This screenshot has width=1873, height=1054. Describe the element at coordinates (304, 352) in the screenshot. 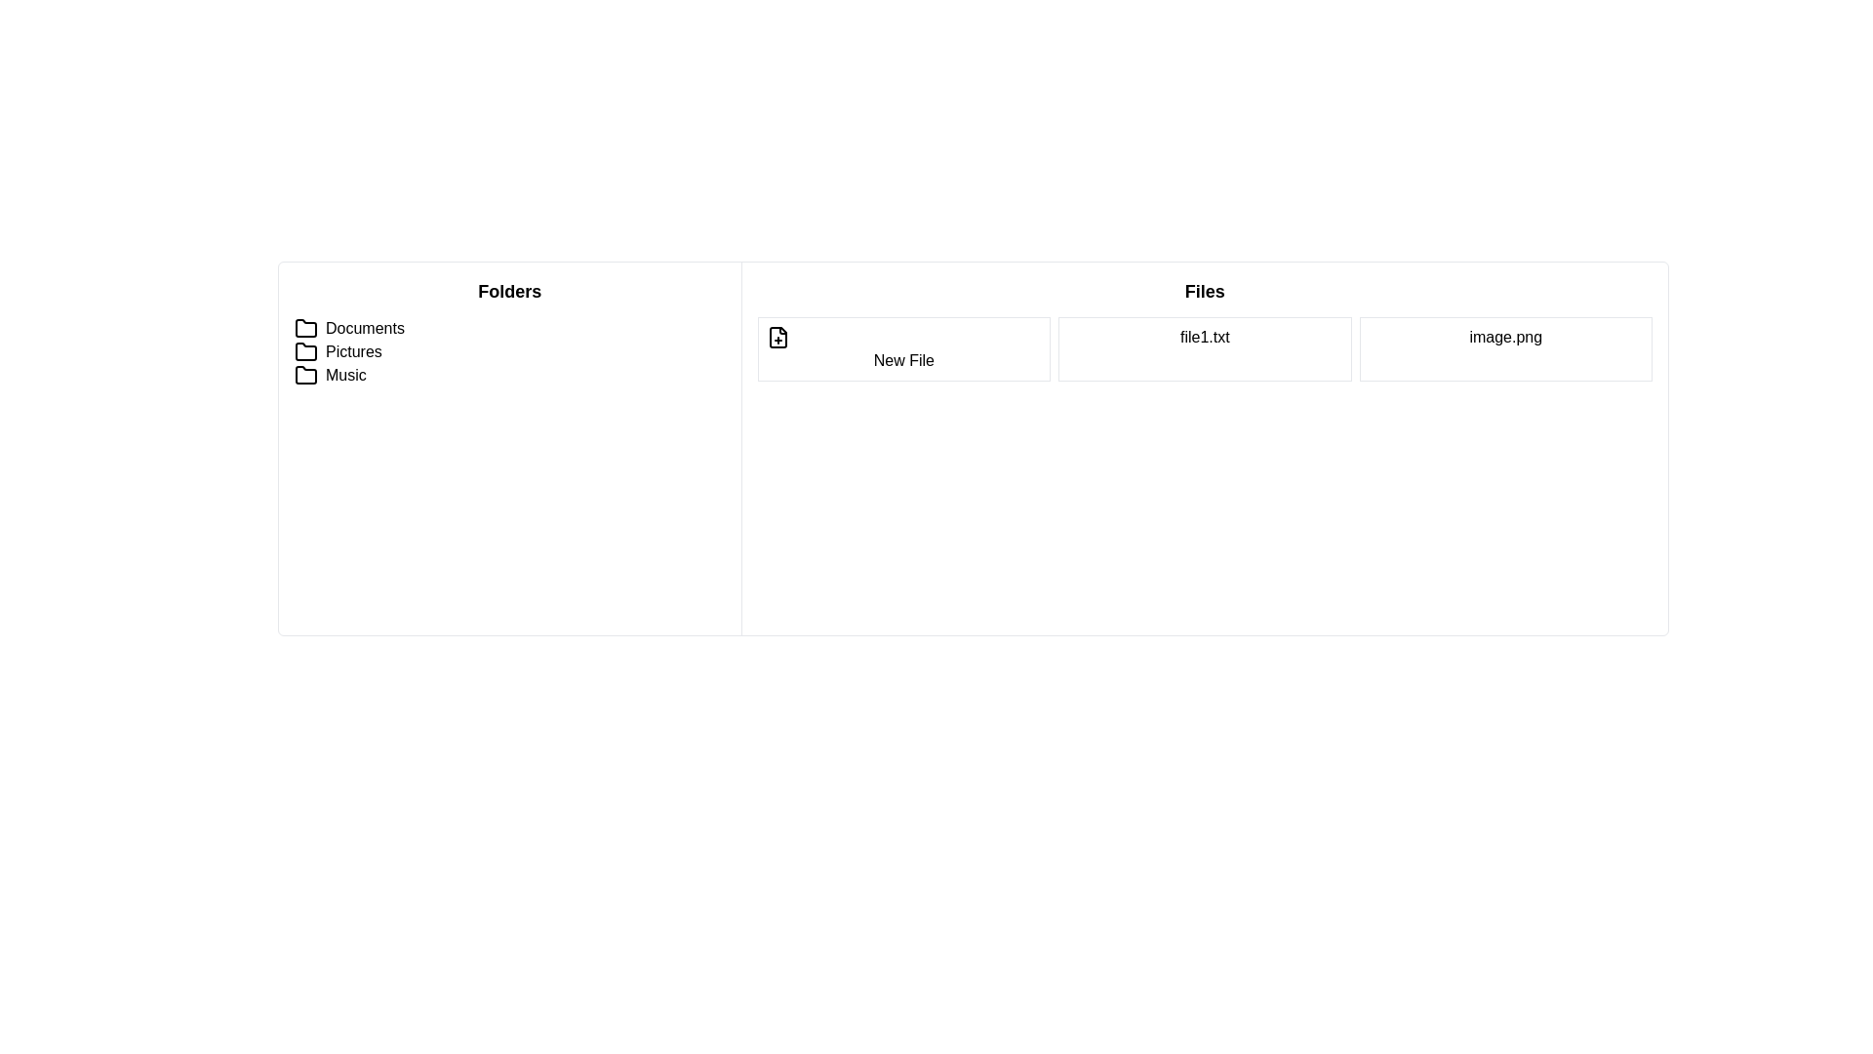

I see `the folder icon, which is black and positioned next to the text labeled 'Pictures'` at that location.